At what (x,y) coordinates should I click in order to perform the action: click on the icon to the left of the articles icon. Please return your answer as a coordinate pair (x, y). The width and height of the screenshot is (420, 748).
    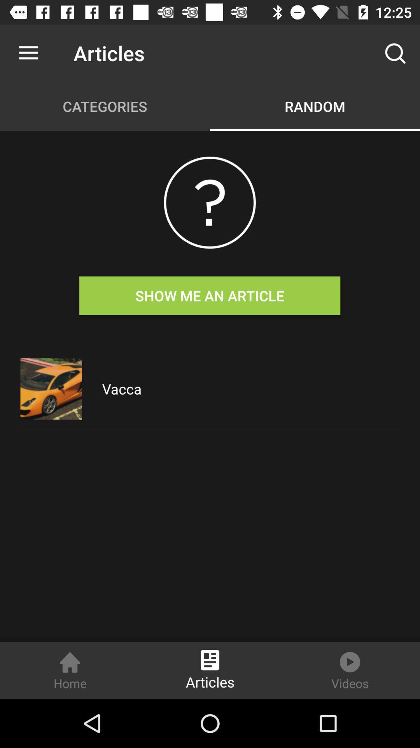
    Looking at the image, I should click on (28, 53).